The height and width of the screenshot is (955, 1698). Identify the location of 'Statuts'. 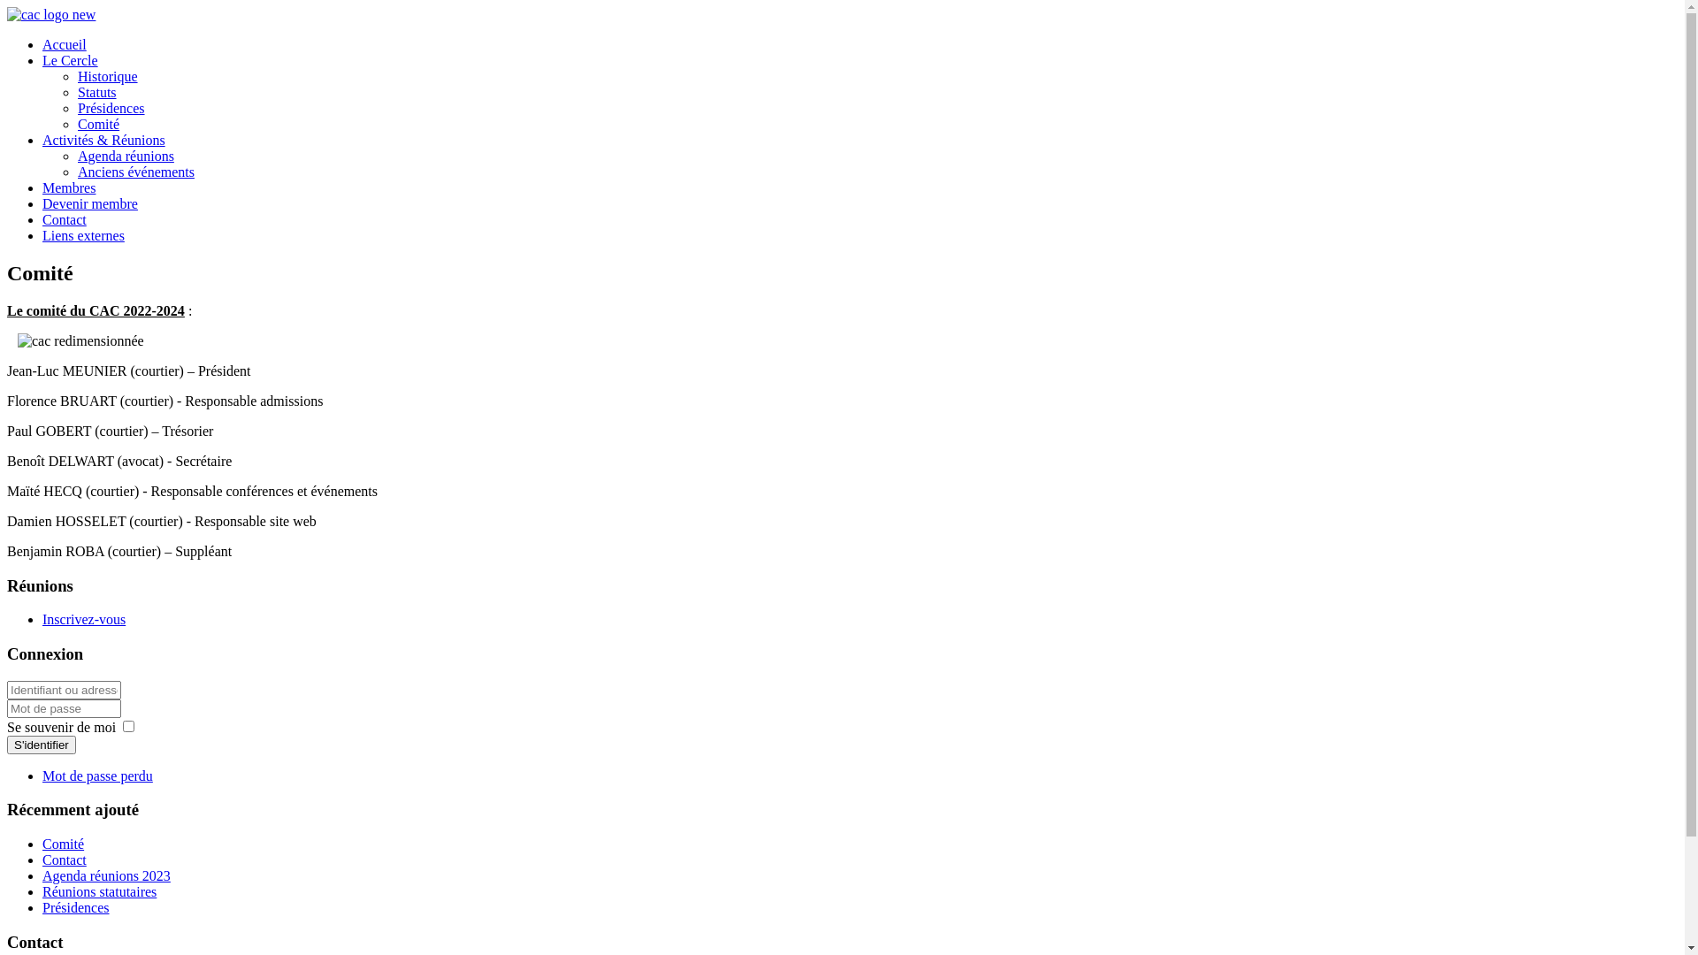
(76, 92).